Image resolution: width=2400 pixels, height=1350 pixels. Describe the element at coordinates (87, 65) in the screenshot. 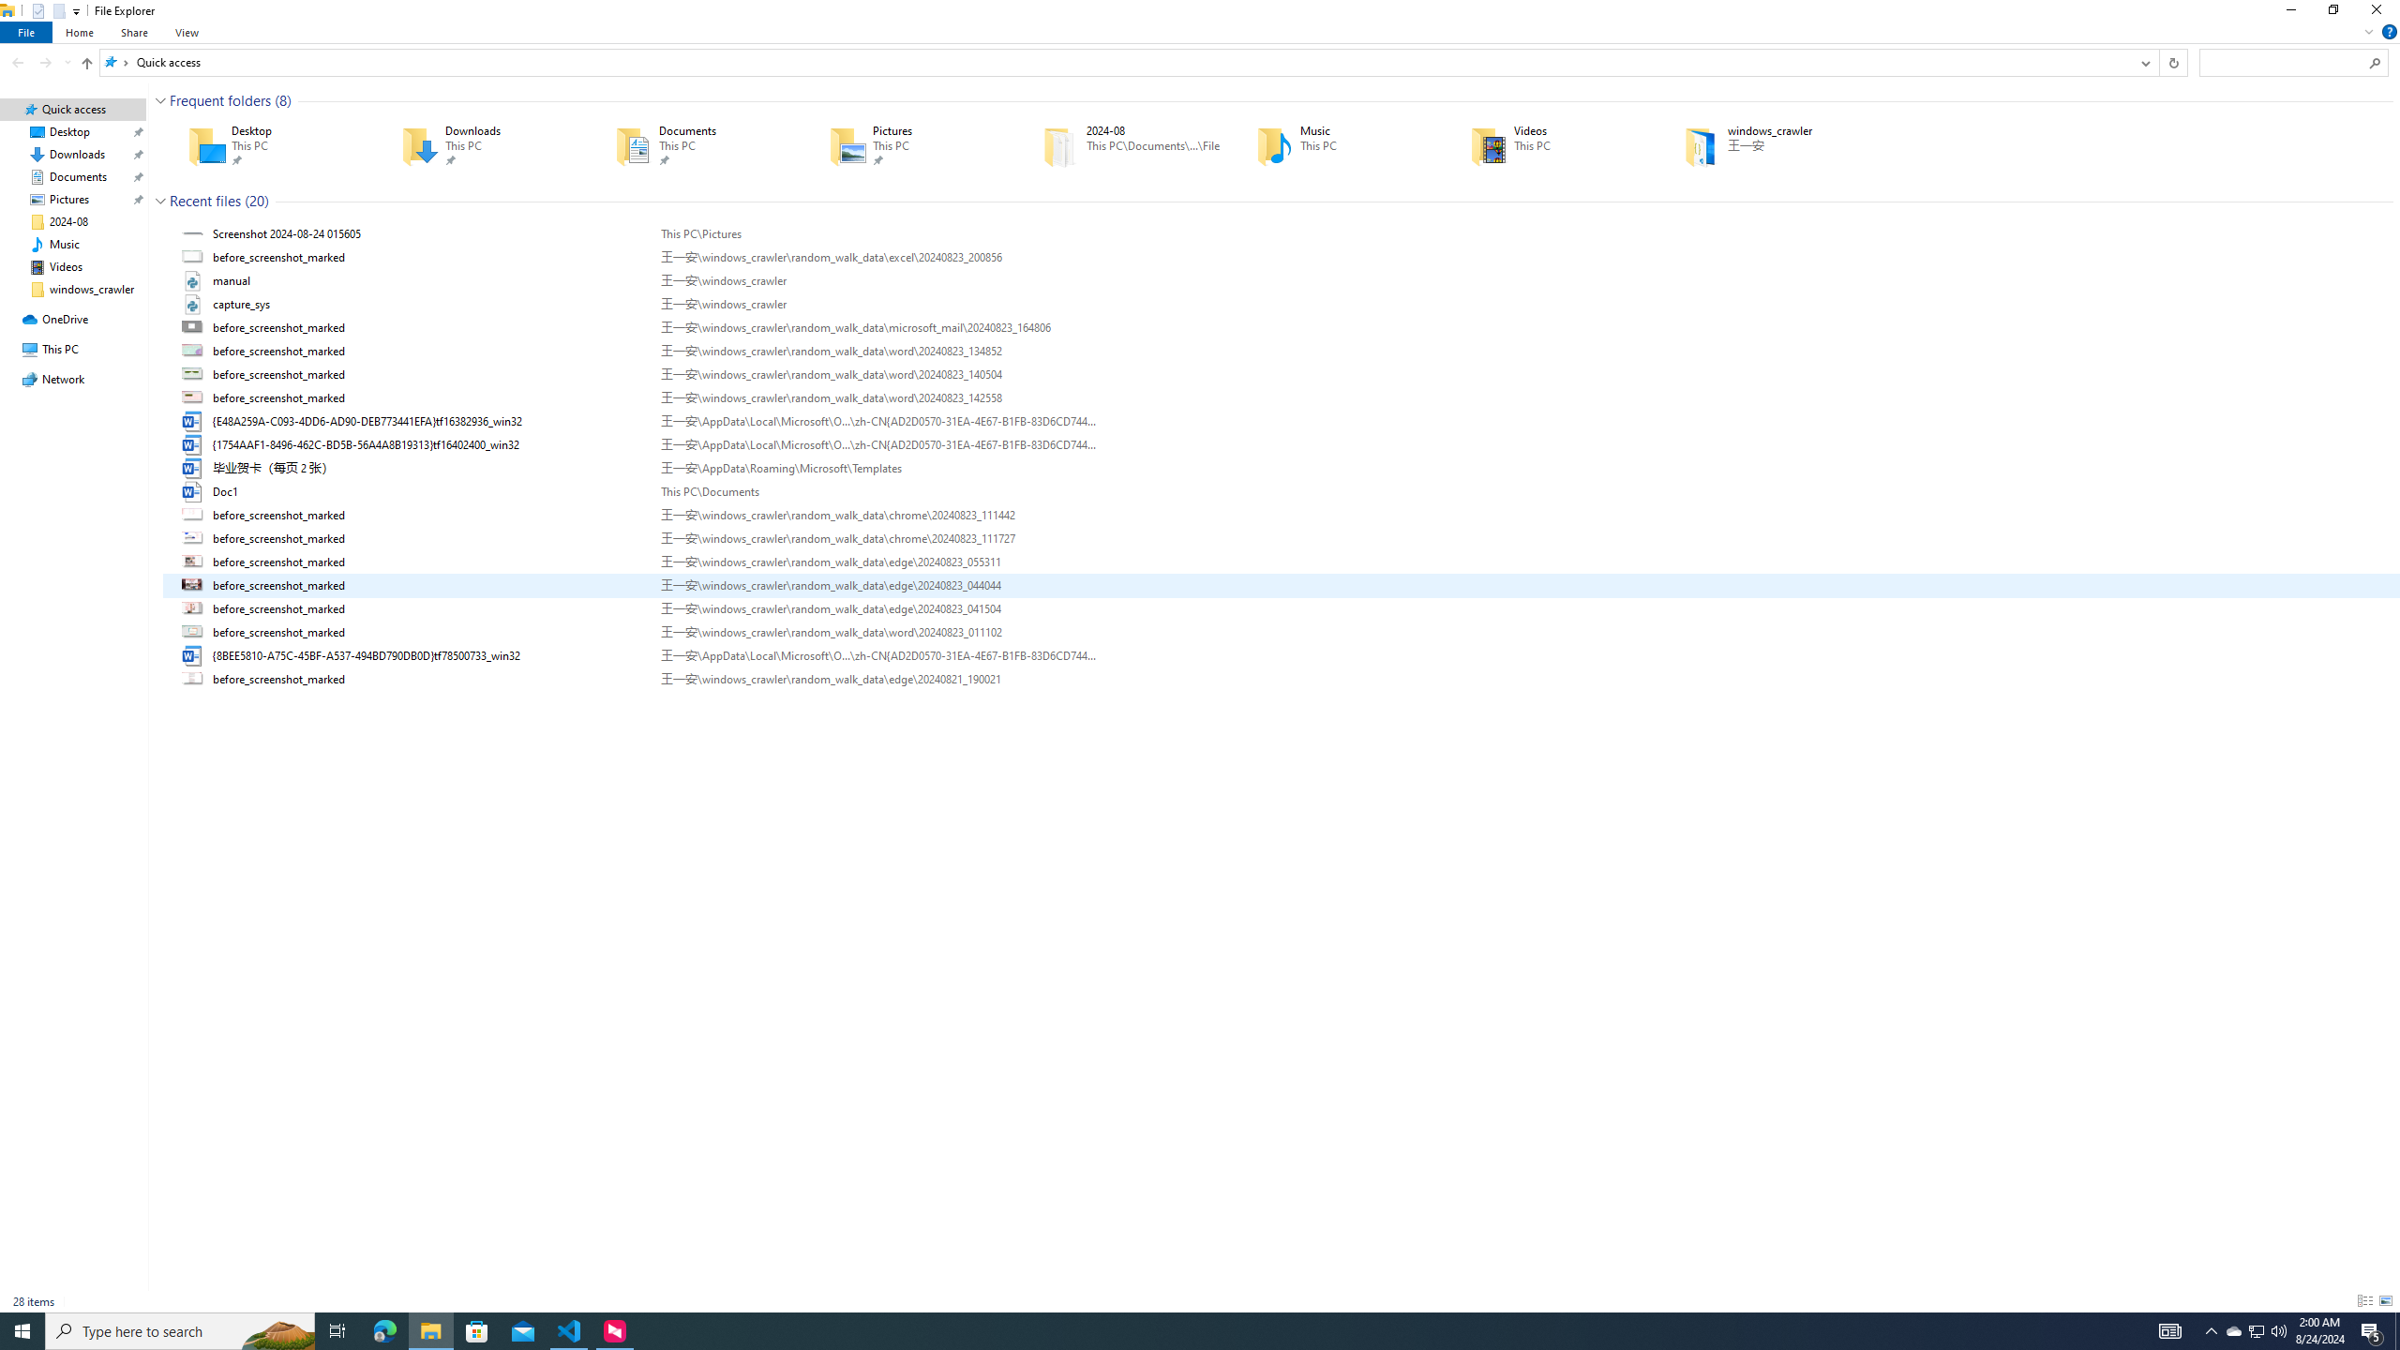

I see `'Up band toolbar'` at that location.